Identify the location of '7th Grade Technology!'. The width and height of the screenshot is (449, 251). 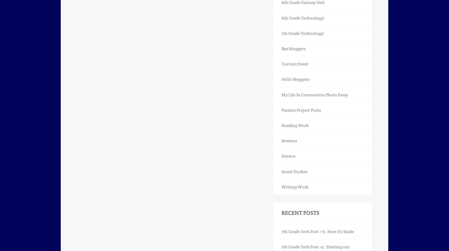
(302, 33).